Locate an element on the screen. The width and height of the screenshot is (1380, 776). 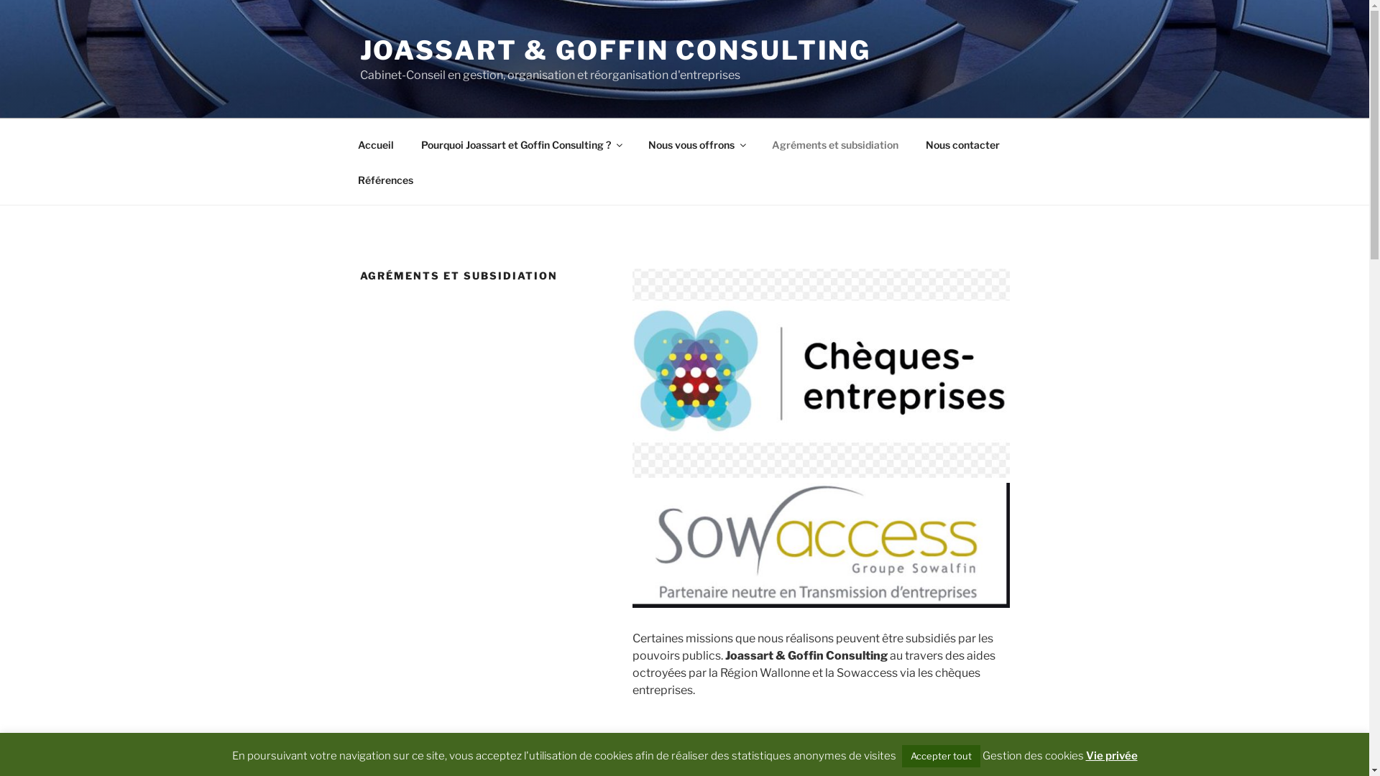
'Accepter tout' is located at coordinates (900, 755).